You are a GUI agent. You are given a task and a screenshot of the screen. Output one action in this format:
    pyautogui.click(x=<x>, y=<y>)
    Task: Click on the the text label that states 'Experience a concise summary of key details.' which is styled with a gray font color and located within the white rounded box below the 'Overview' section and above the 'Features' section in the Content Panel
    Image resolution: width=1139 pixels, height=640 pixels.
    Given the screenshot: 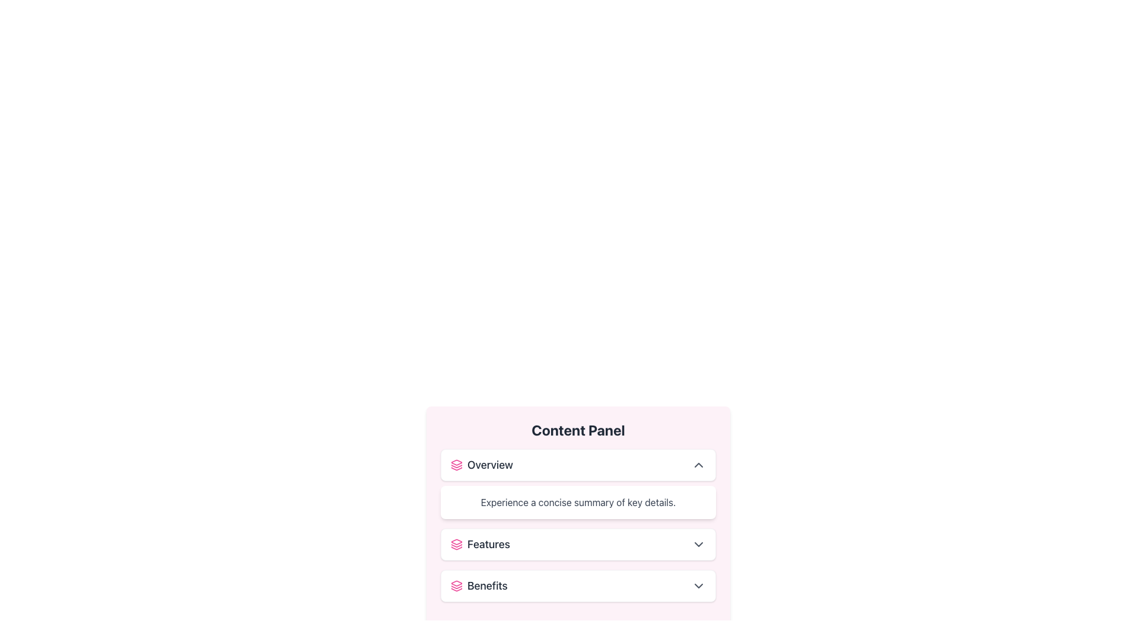 What is the action you would take?
    pyautogui.click(x=578, y=503)
    